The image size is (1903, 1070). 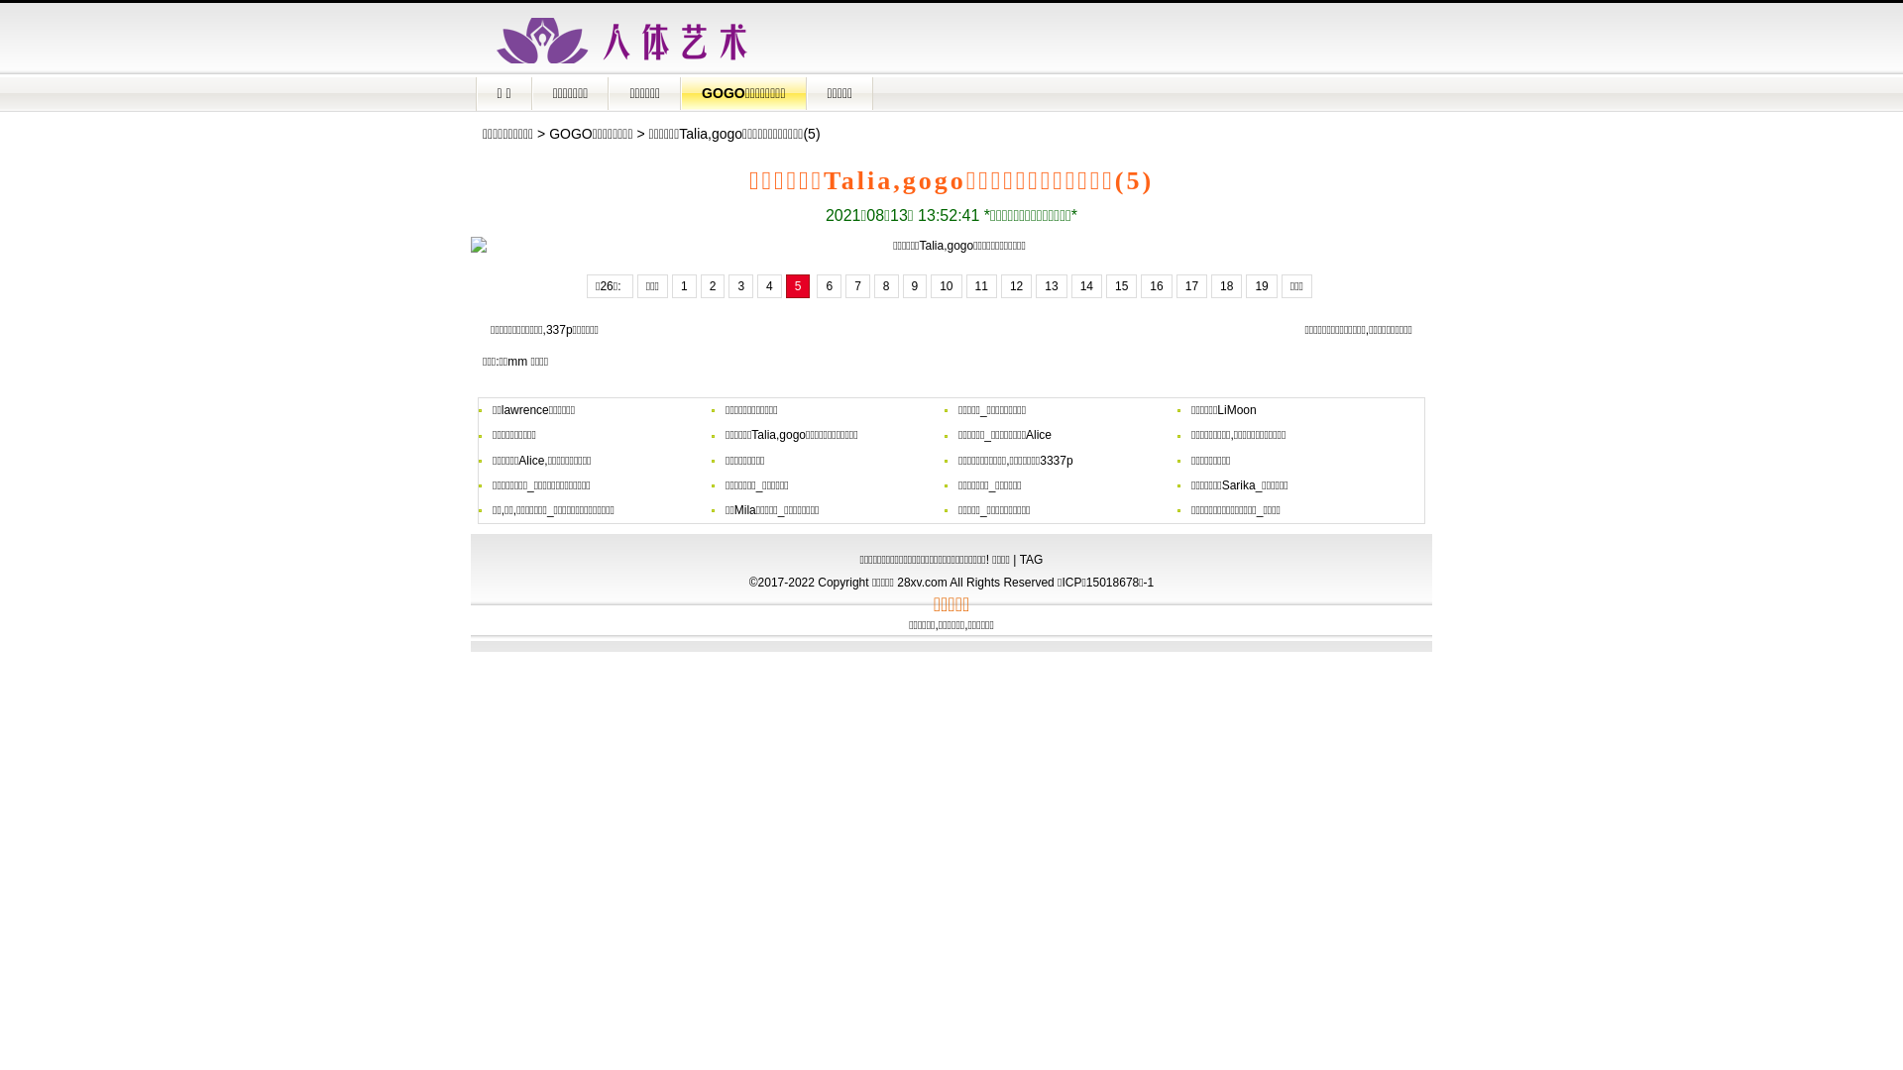 I want to click on '6', so click(x=817, y=286).